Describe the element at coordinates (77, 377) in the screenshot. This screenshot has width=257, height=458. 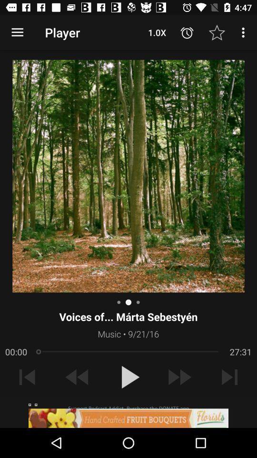
I see `the av_rewind icon` at that location.